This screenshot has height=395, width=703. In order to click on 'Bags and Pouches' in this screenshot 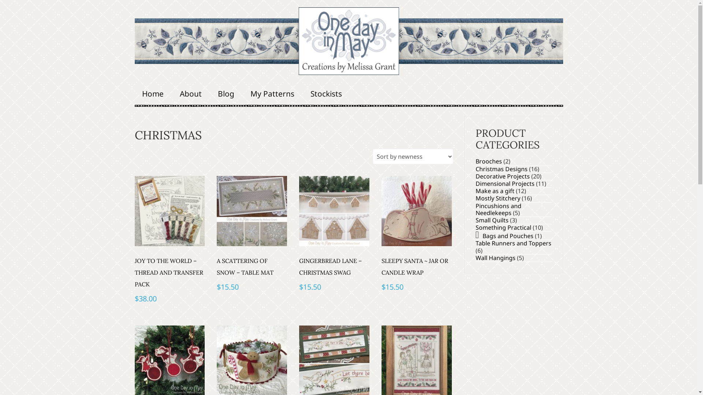, I will do `click(507, 236)`.